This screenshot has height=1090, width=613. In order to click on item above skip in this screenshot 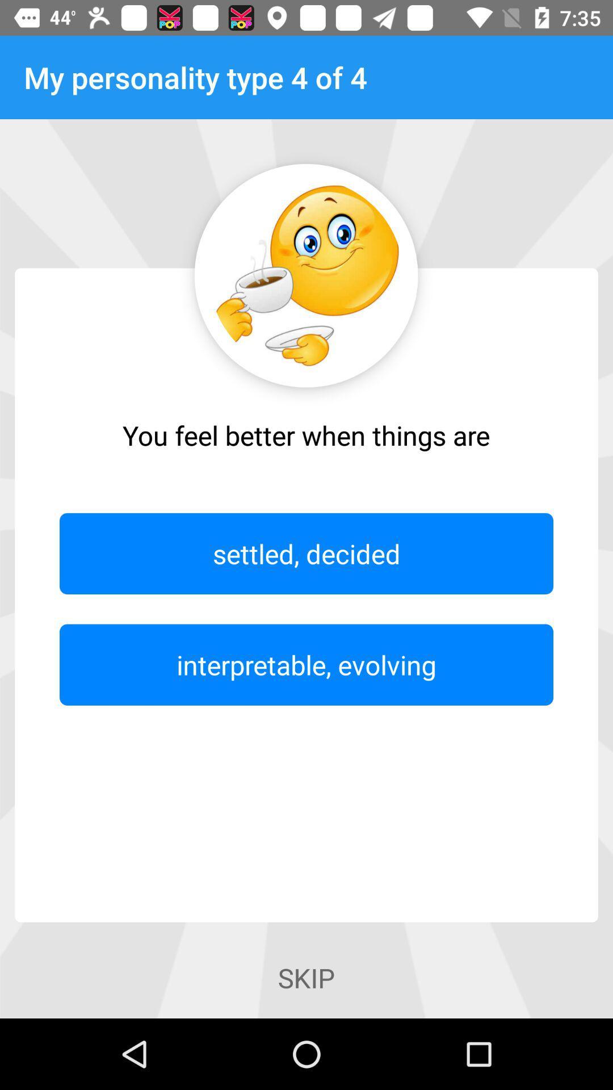, I will do `click(306, 665)`.